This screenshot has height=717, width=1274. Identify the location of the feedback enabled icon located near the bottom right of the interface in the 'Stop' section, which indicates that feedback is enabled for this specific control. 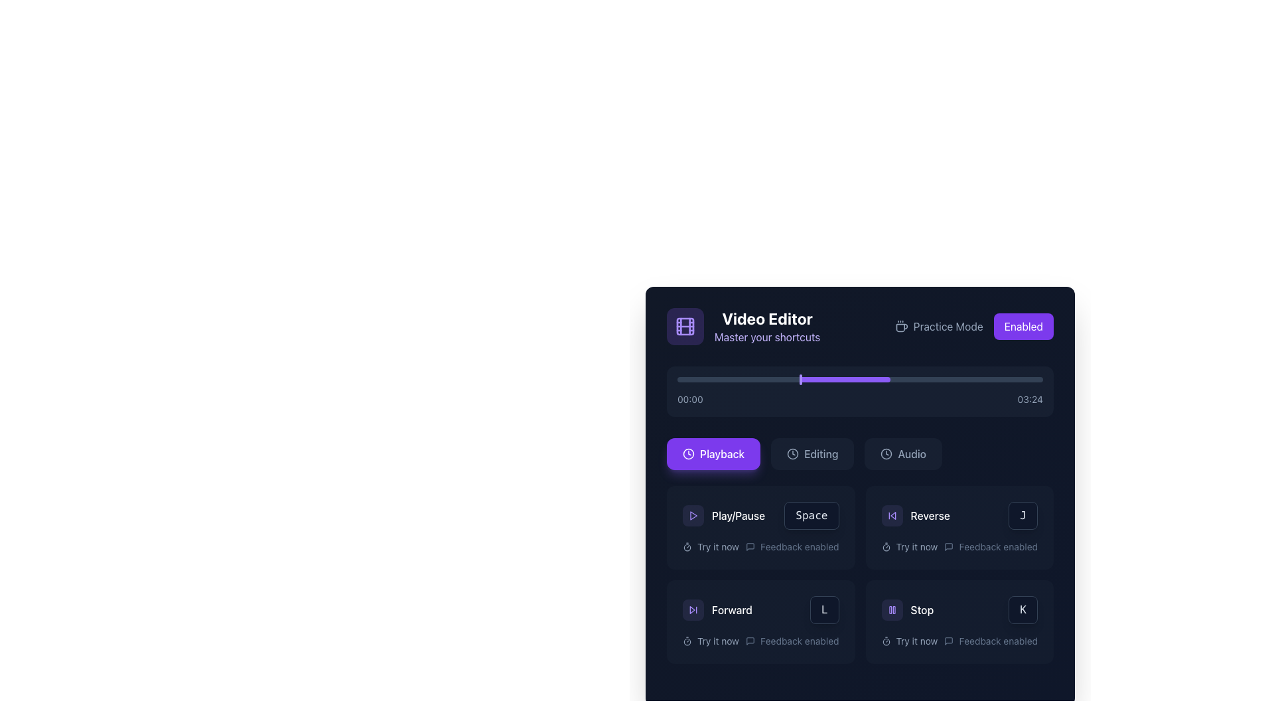
(948, 640).